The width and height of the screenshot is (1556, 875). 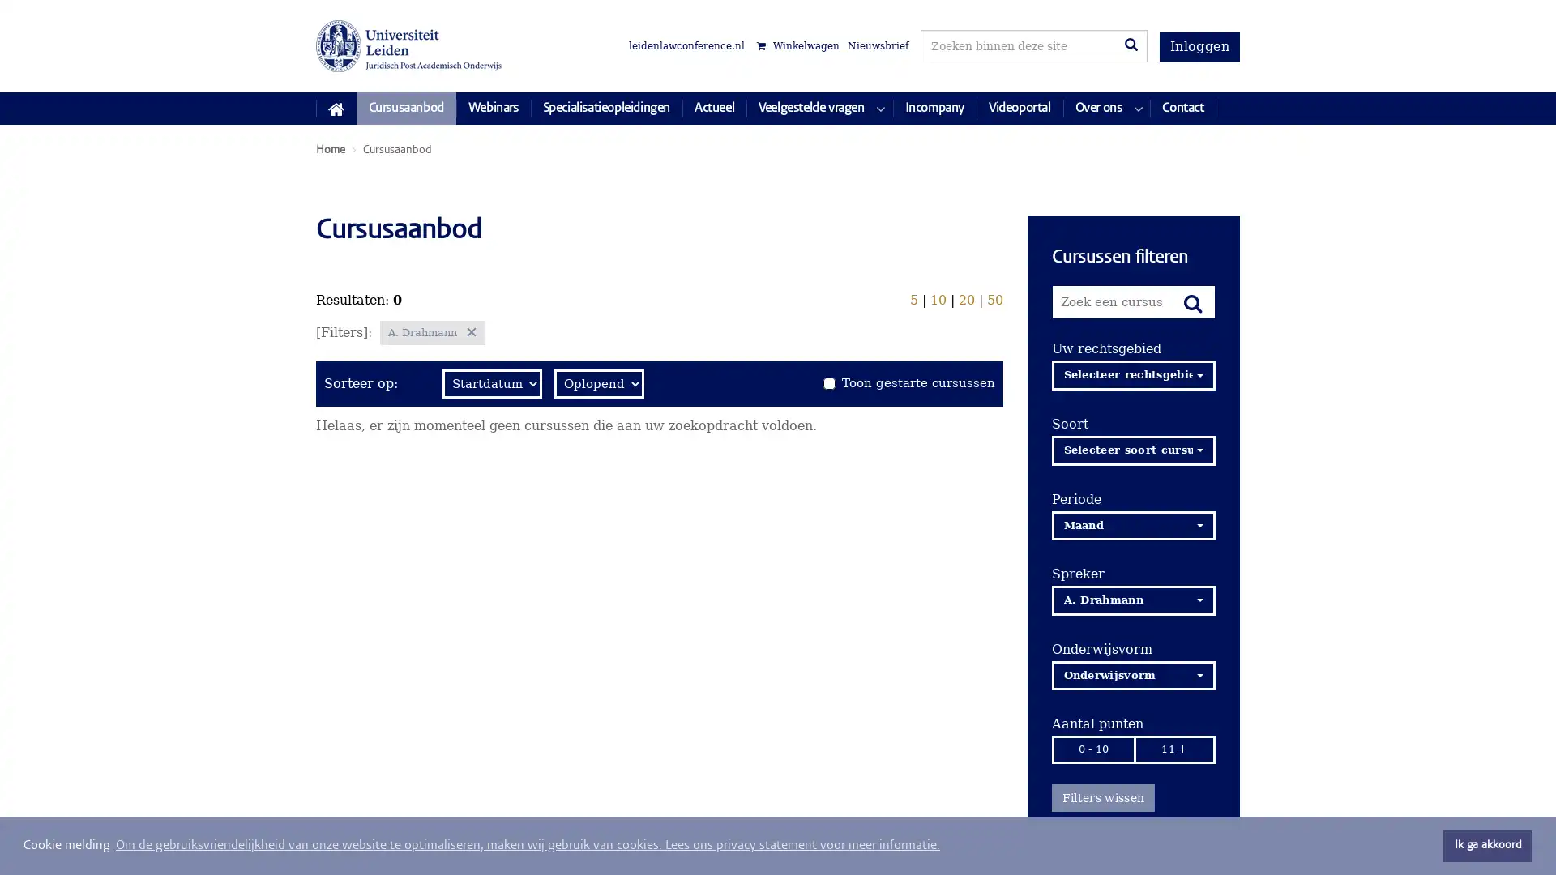 I want to click on Selecteer soort cursus, so click(x=1132, y=450).